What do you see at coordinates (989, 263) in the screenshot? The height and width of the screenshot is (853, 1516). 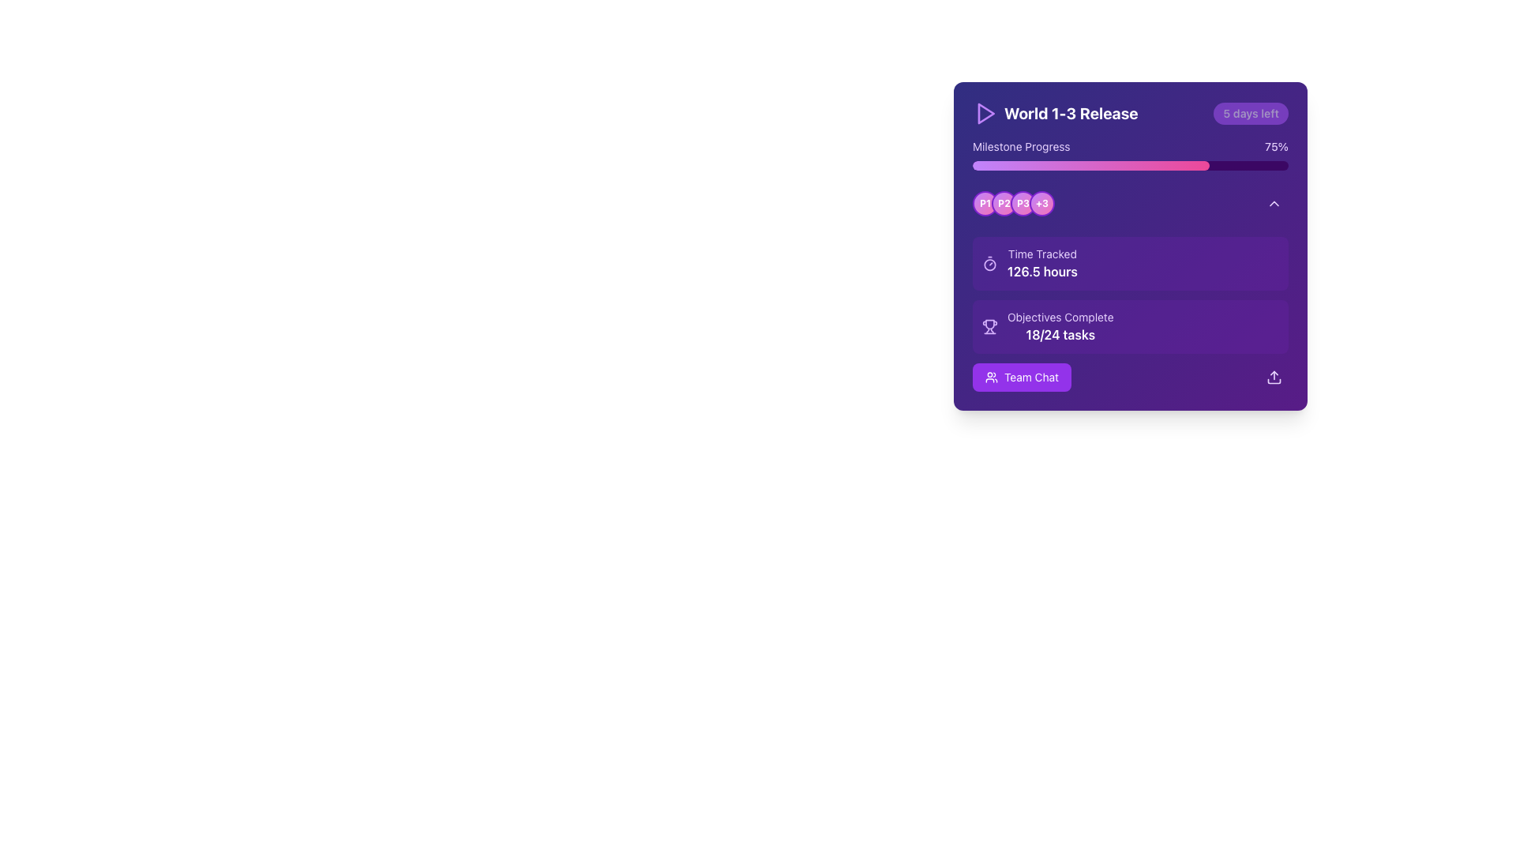 I see `the circular purple timer icon located in the upper-left corner of the 'Time Tracked' section of the UI` at bounding box center [989, 263].